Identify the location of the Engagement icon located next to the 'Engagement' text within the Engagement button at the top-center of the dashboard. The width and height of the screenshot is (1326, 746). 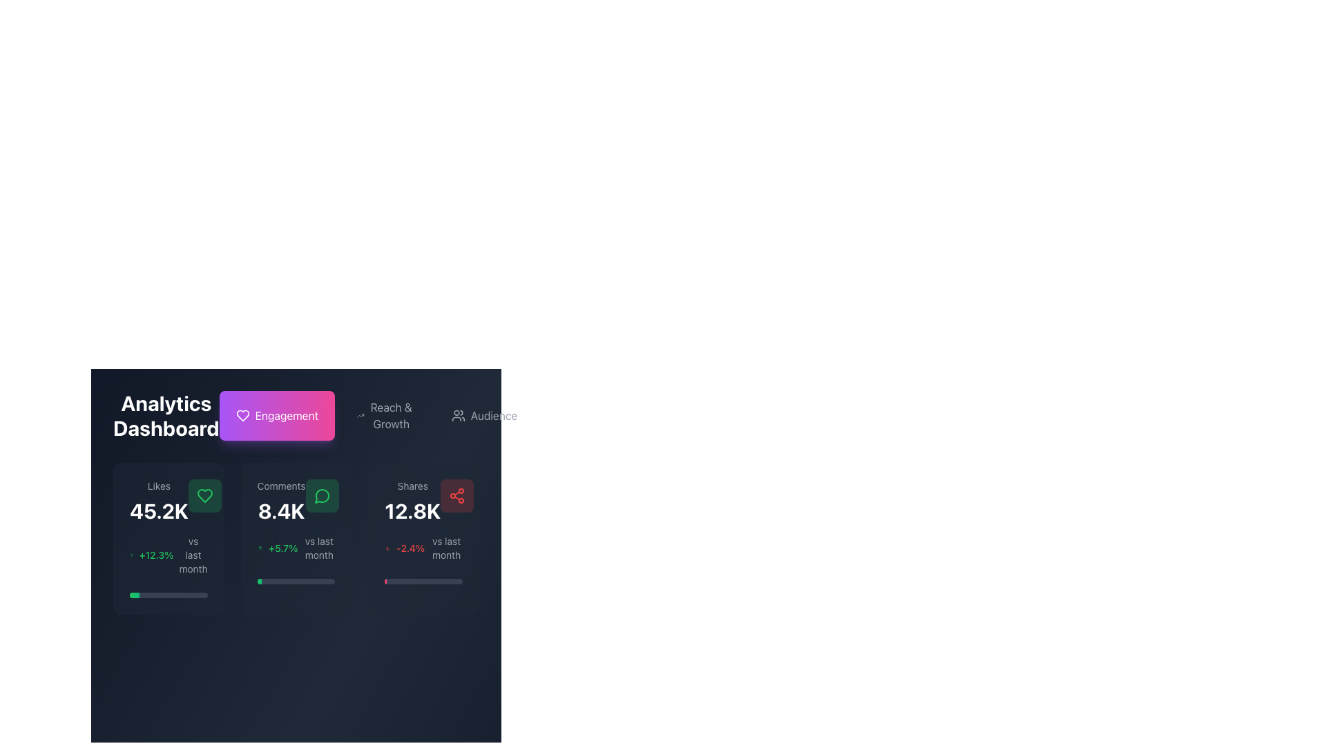
(242, 414).